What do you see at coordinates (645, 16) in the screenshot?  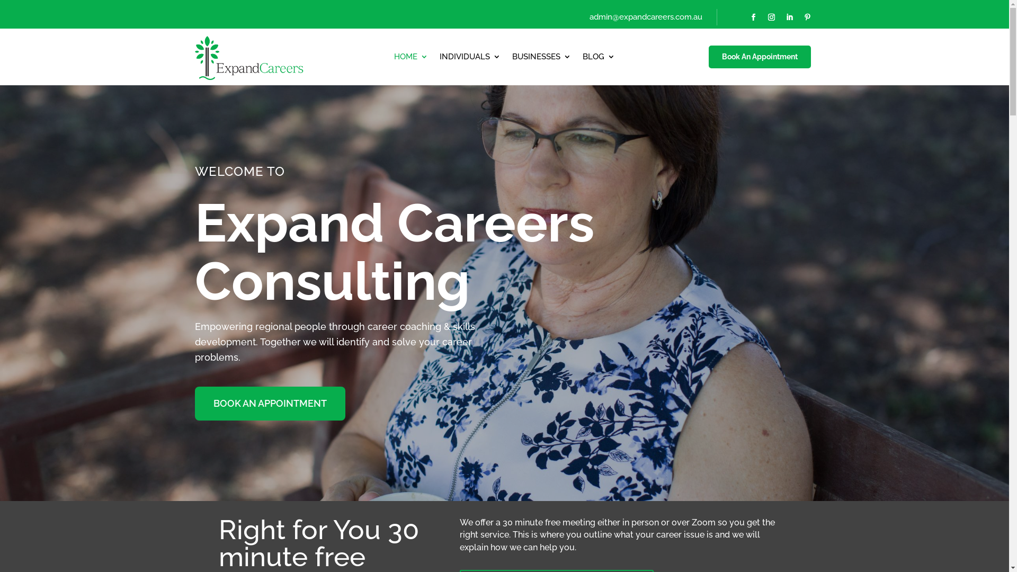 I see `'admin@expandcareers.com.au'` at bounding box center [645, 16].